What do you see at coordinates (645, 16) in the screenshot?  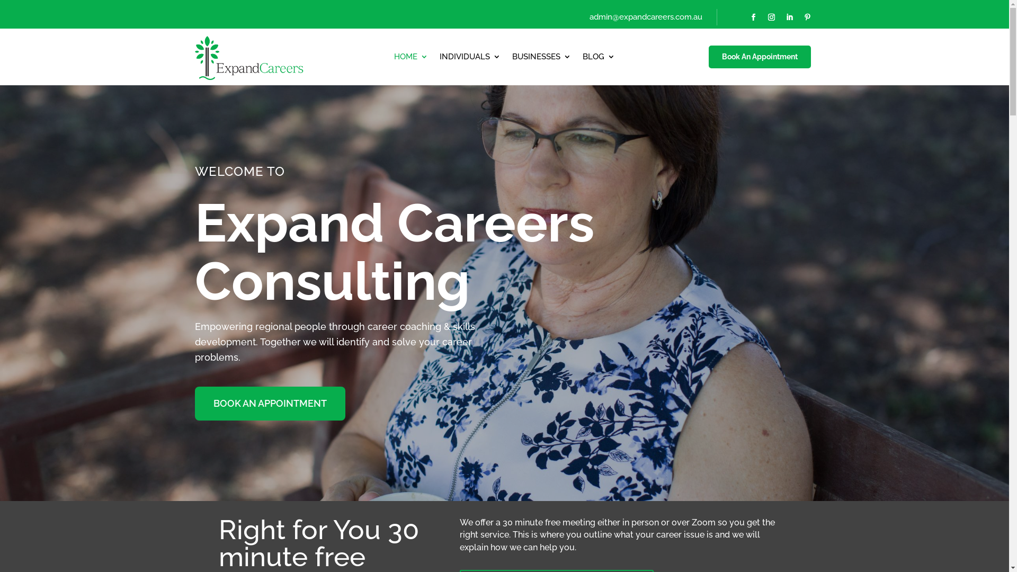 I see `'admin@expandcareers.com.au'` at bounding box center [645, 16].